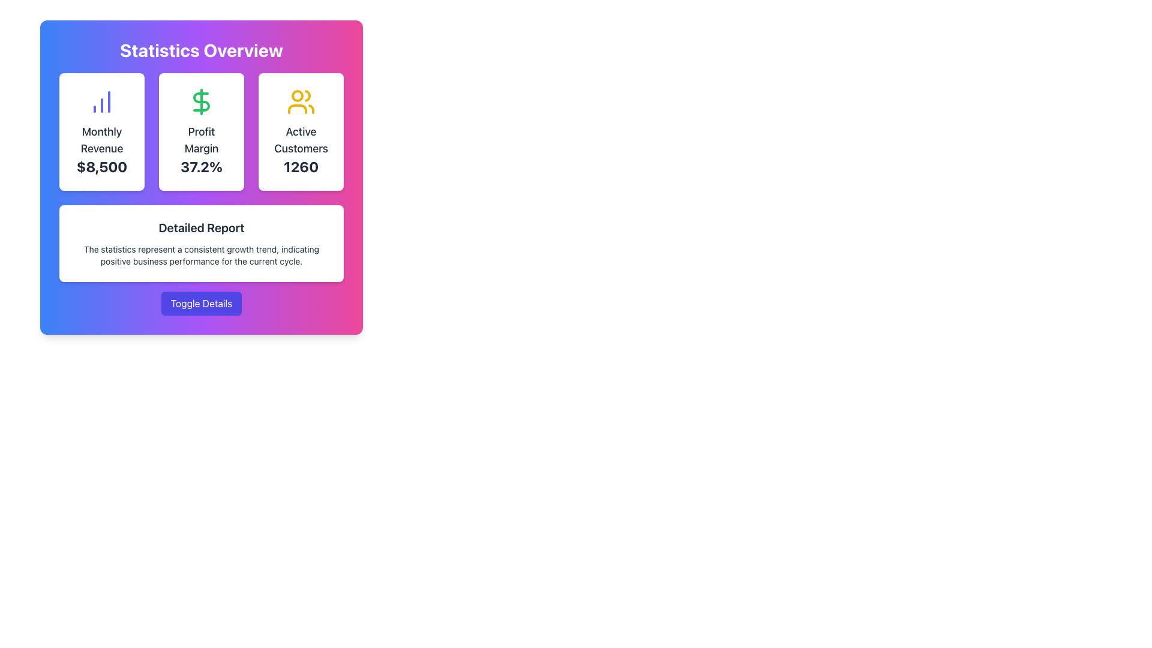 The width and height of the screenshot is (1152, 648). I want to click on large, bold, white-colored text that reads 'Statistics Overview', which is located at the top of a card with a gradient background, so click(202, 50).